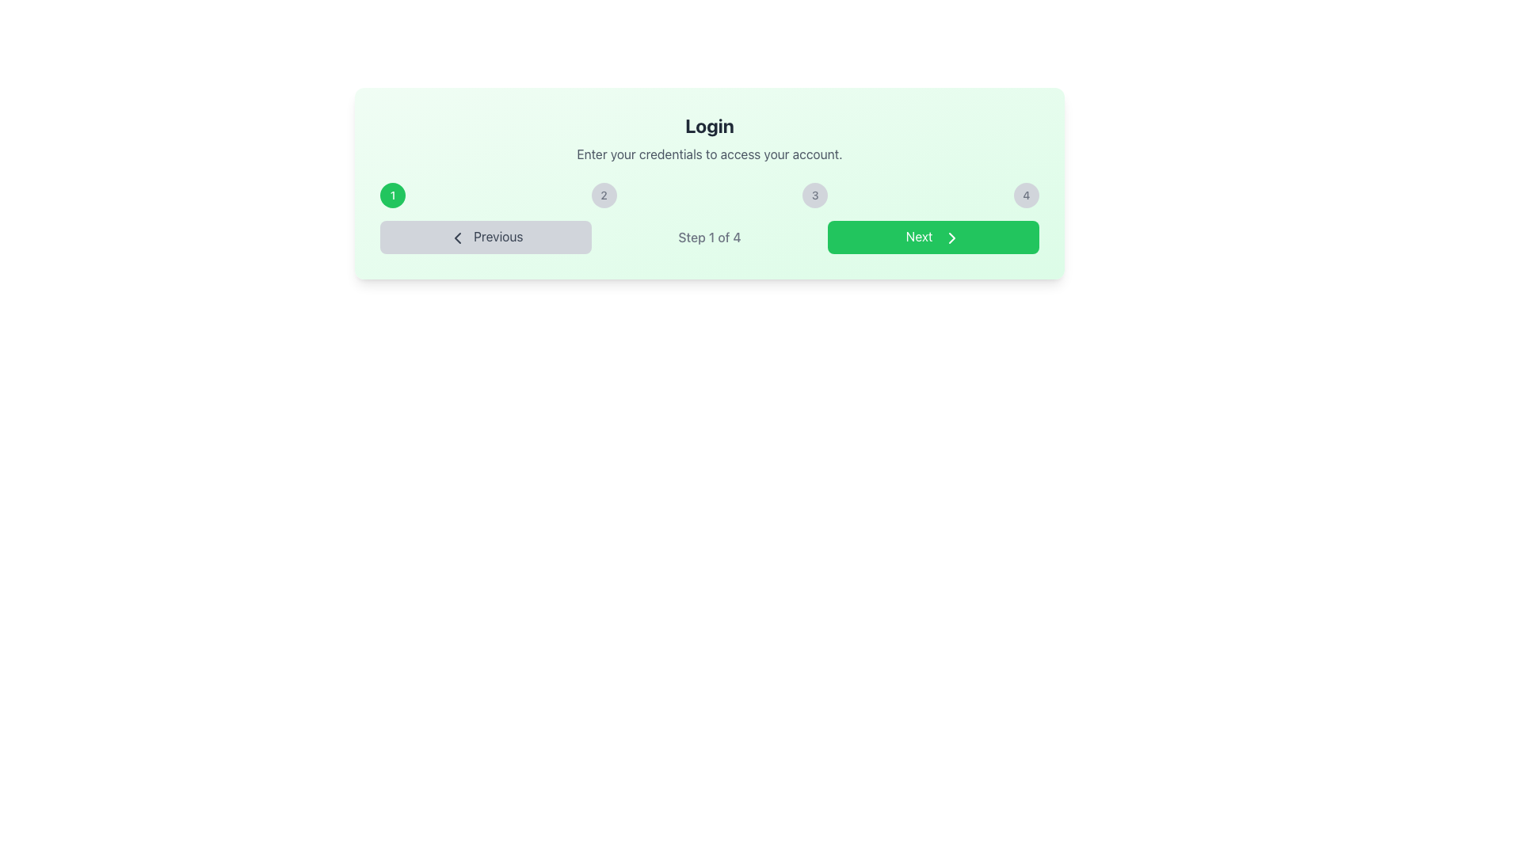  I want to click on the active step indicator button labeled '1' with a green background, so click(709, 194).